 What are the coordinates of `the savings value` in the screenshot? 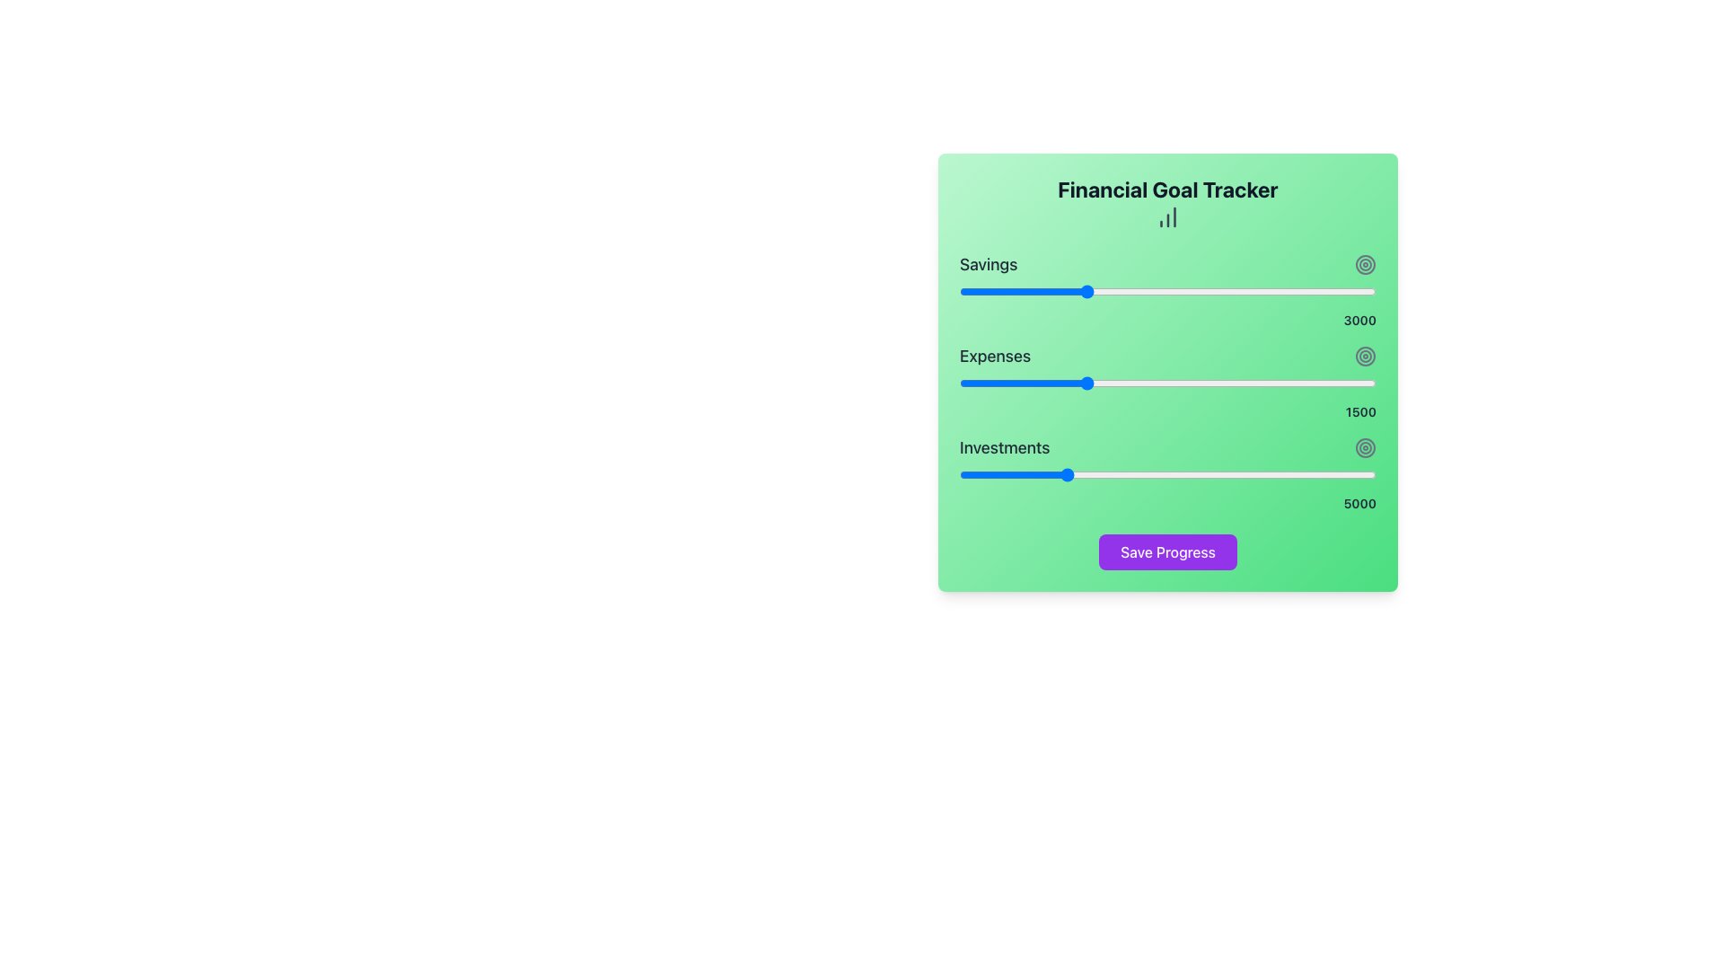 It's located at (1034, 290).